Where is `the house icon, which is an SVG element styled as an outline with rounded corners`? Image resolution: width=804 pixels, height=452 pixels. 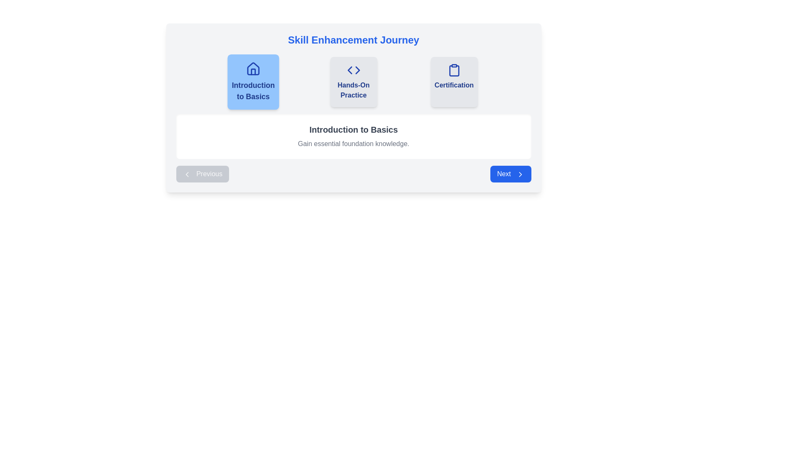 the house icon, which is an SVG element styled as an outline with rounded corners is located at coordinates (253, 68).